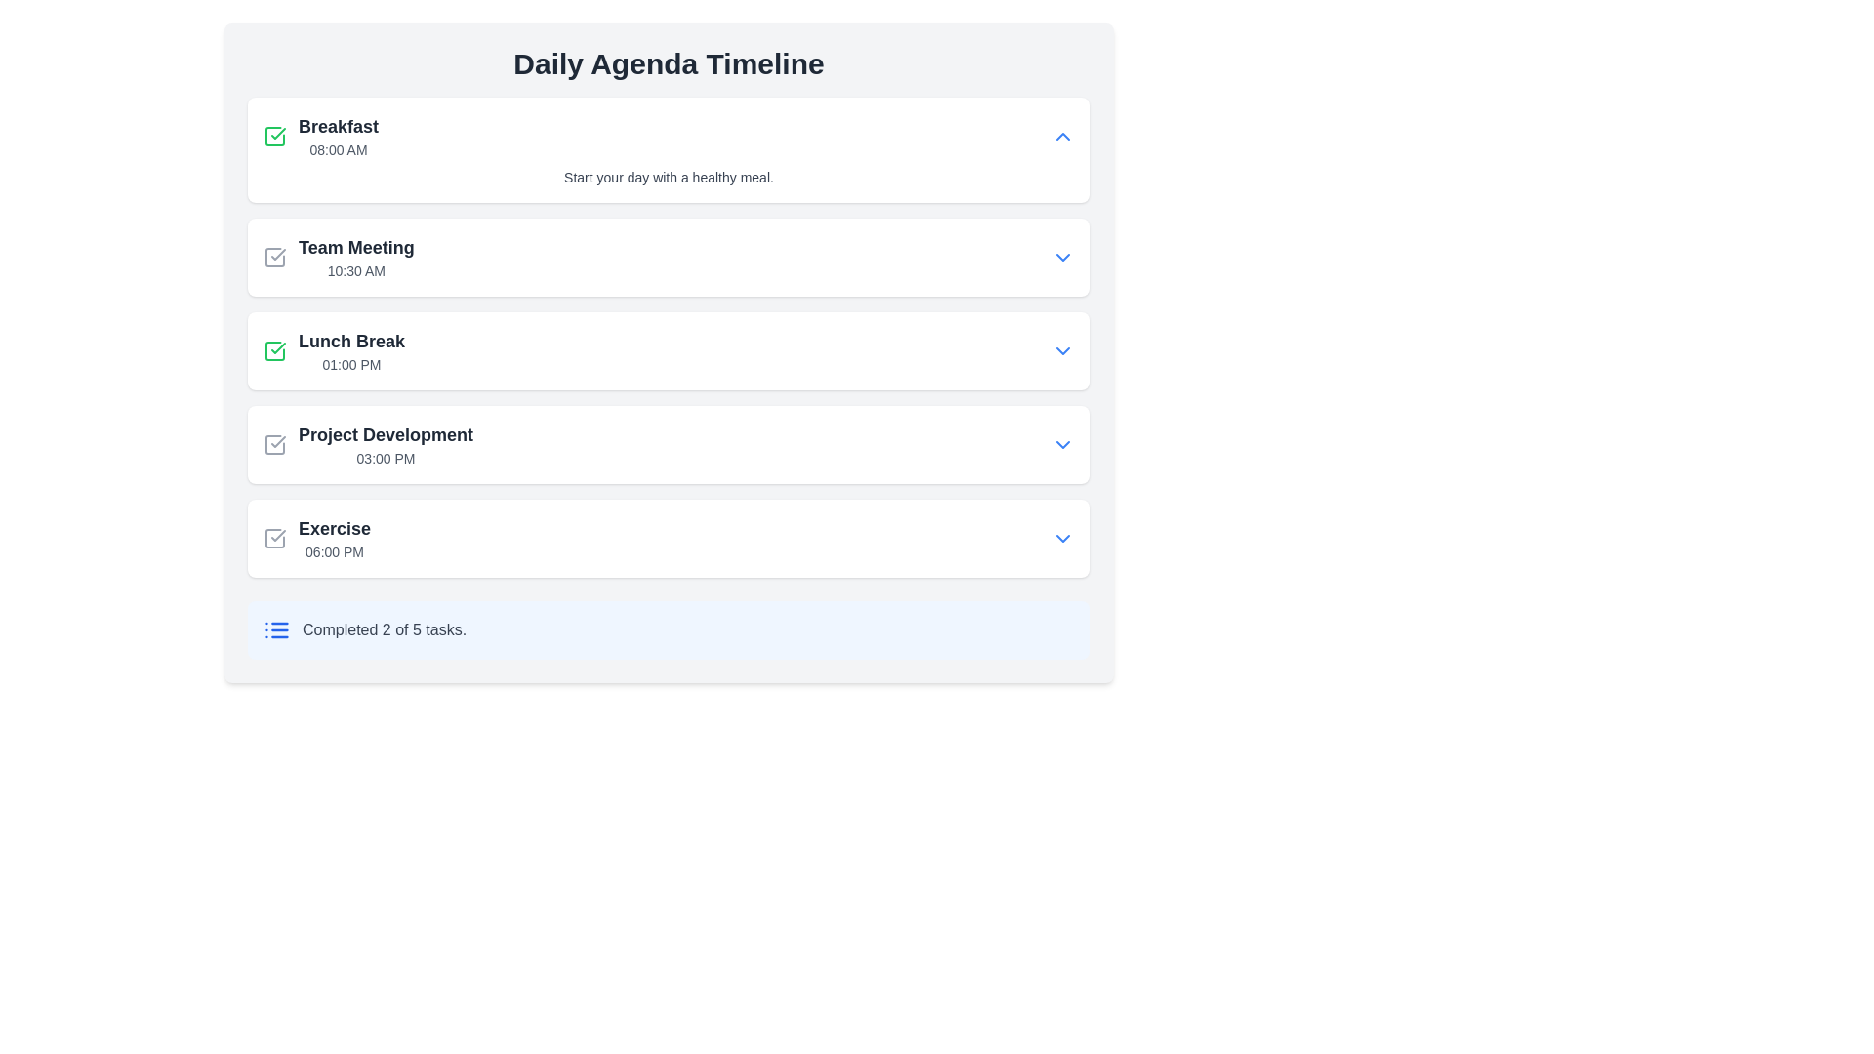 This screenshot has width=1874, height=1054. I want to click on the text label element styled as a heading reading 'Breakfast', so click(338, 127).